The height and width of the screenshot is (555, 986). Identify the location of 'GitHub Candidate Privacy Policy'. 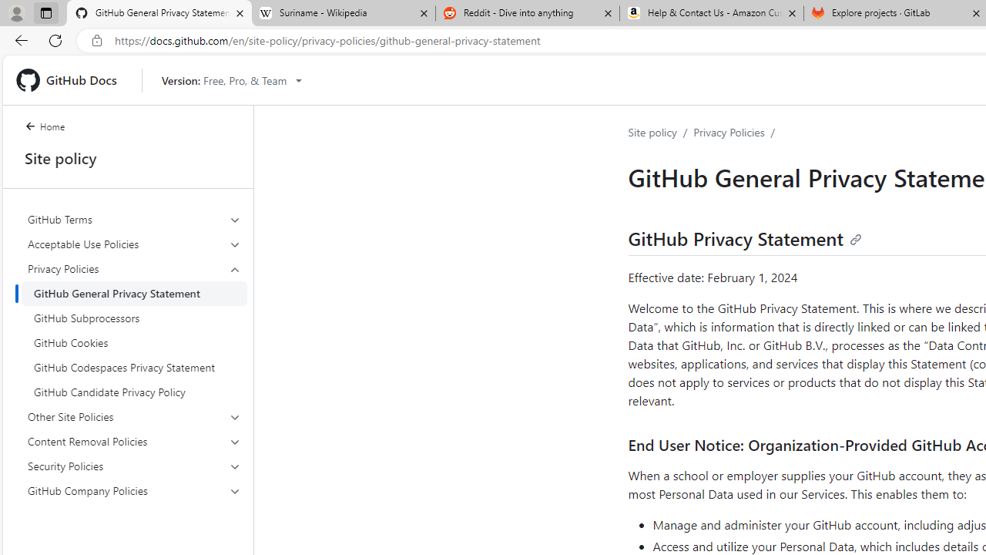
(134, 392).